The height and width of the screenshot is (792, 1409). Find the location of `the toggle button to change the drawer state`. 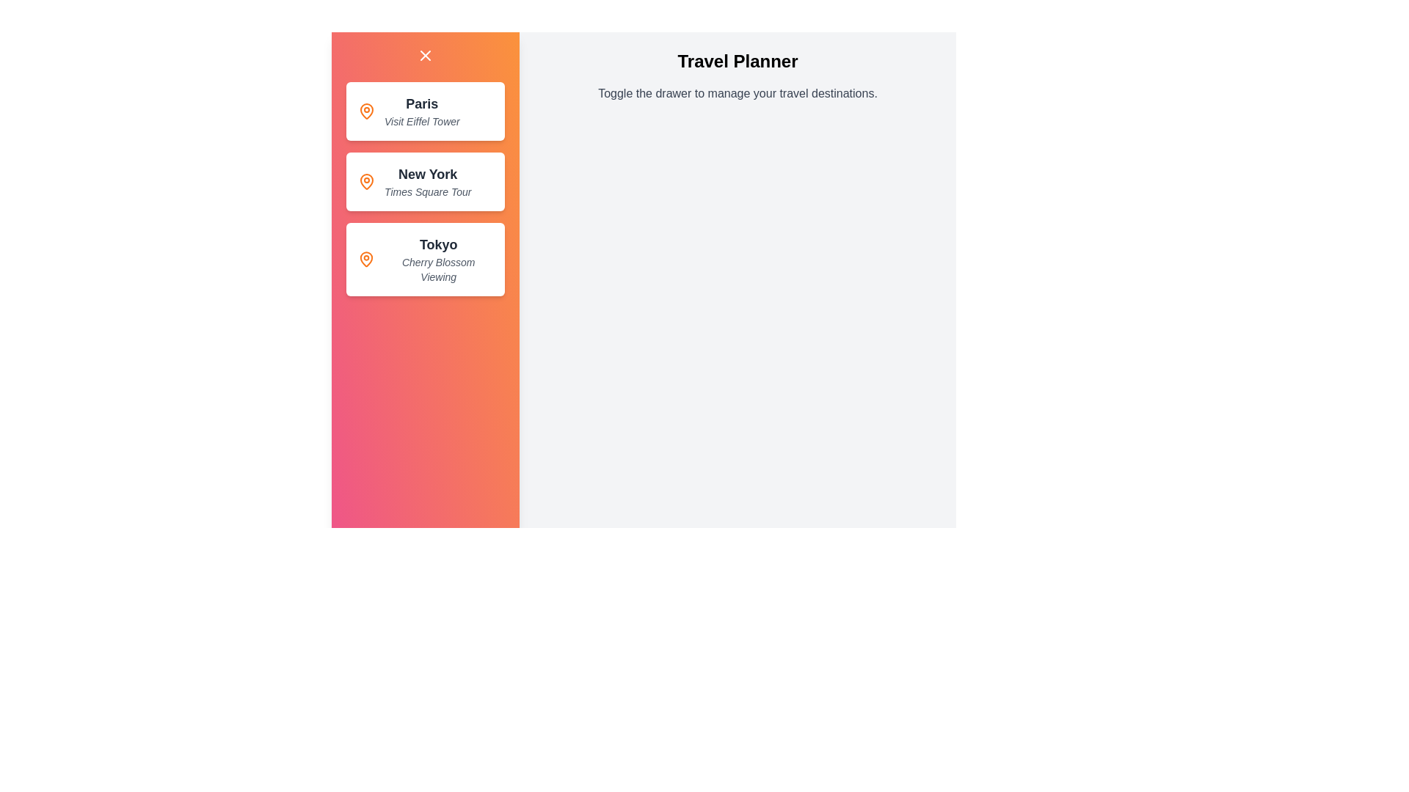

the toggle button to change the drawer state is located at coordinates (425, 55).